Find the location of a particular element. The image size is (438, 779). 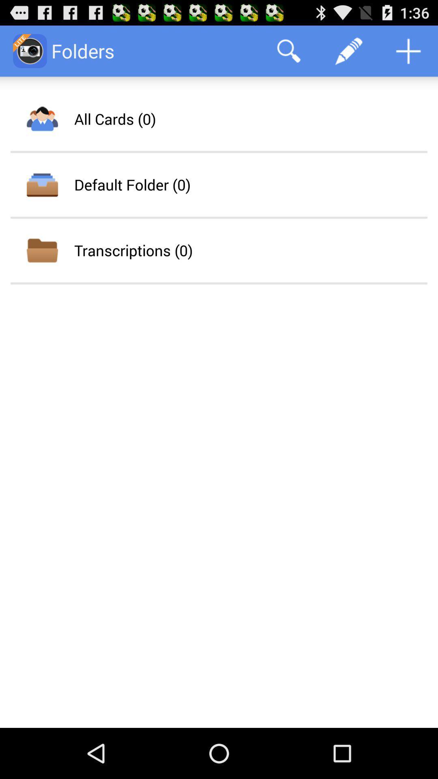

item to the right of folders app is located at coordinates (288, 50).